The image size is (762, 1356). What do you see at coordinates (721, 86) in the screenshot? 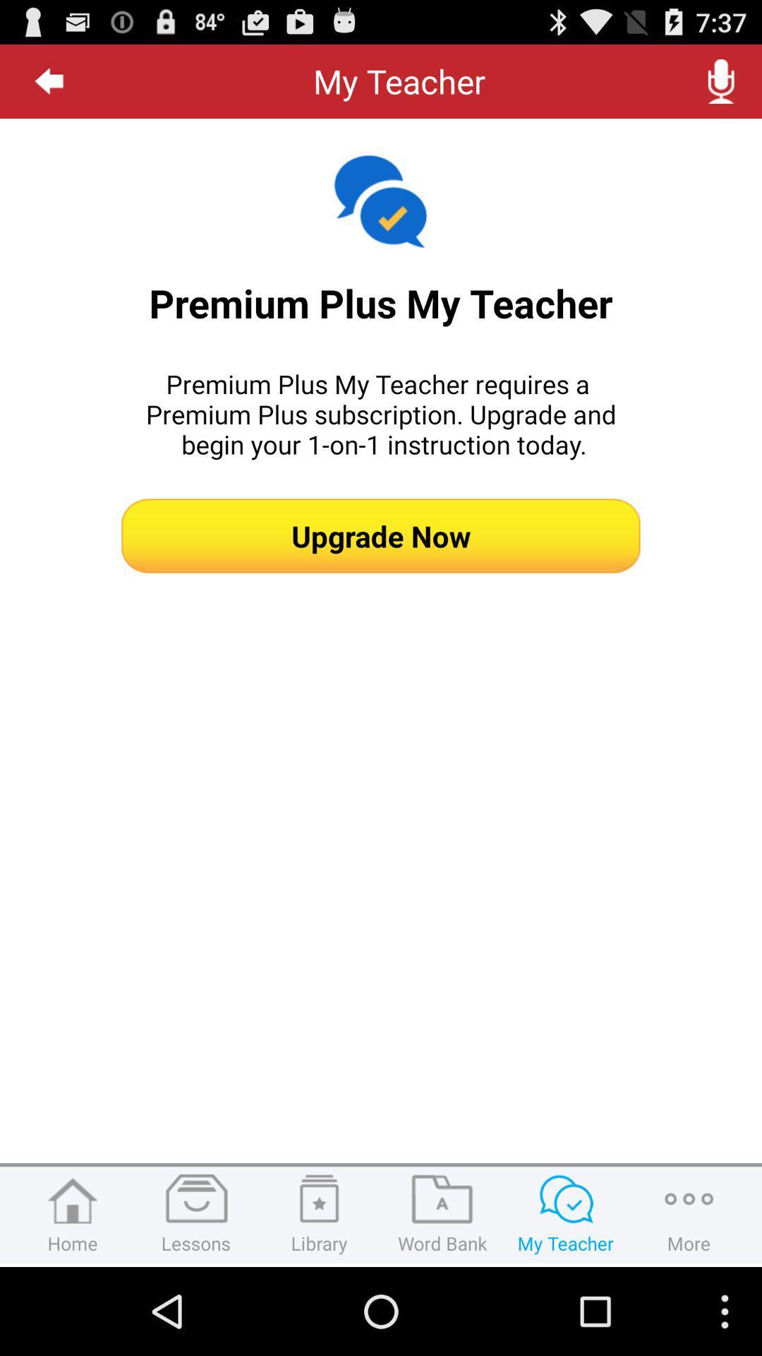
I see `the microphone icon` at bounding box center [721, 86].